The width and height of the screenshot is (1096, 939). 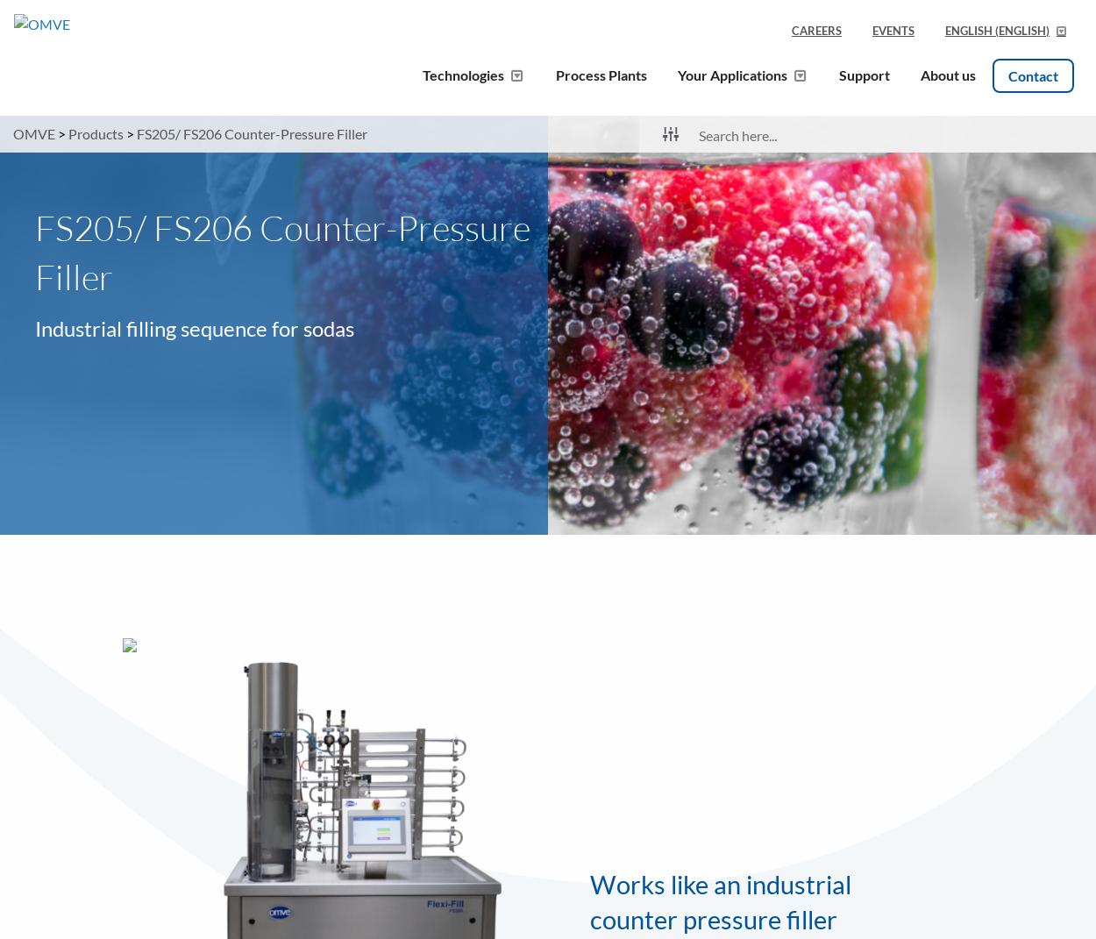 What do you see at coordinates (995, 28) in the screenshot?
I see `'('` at bounding box center [995, 28].